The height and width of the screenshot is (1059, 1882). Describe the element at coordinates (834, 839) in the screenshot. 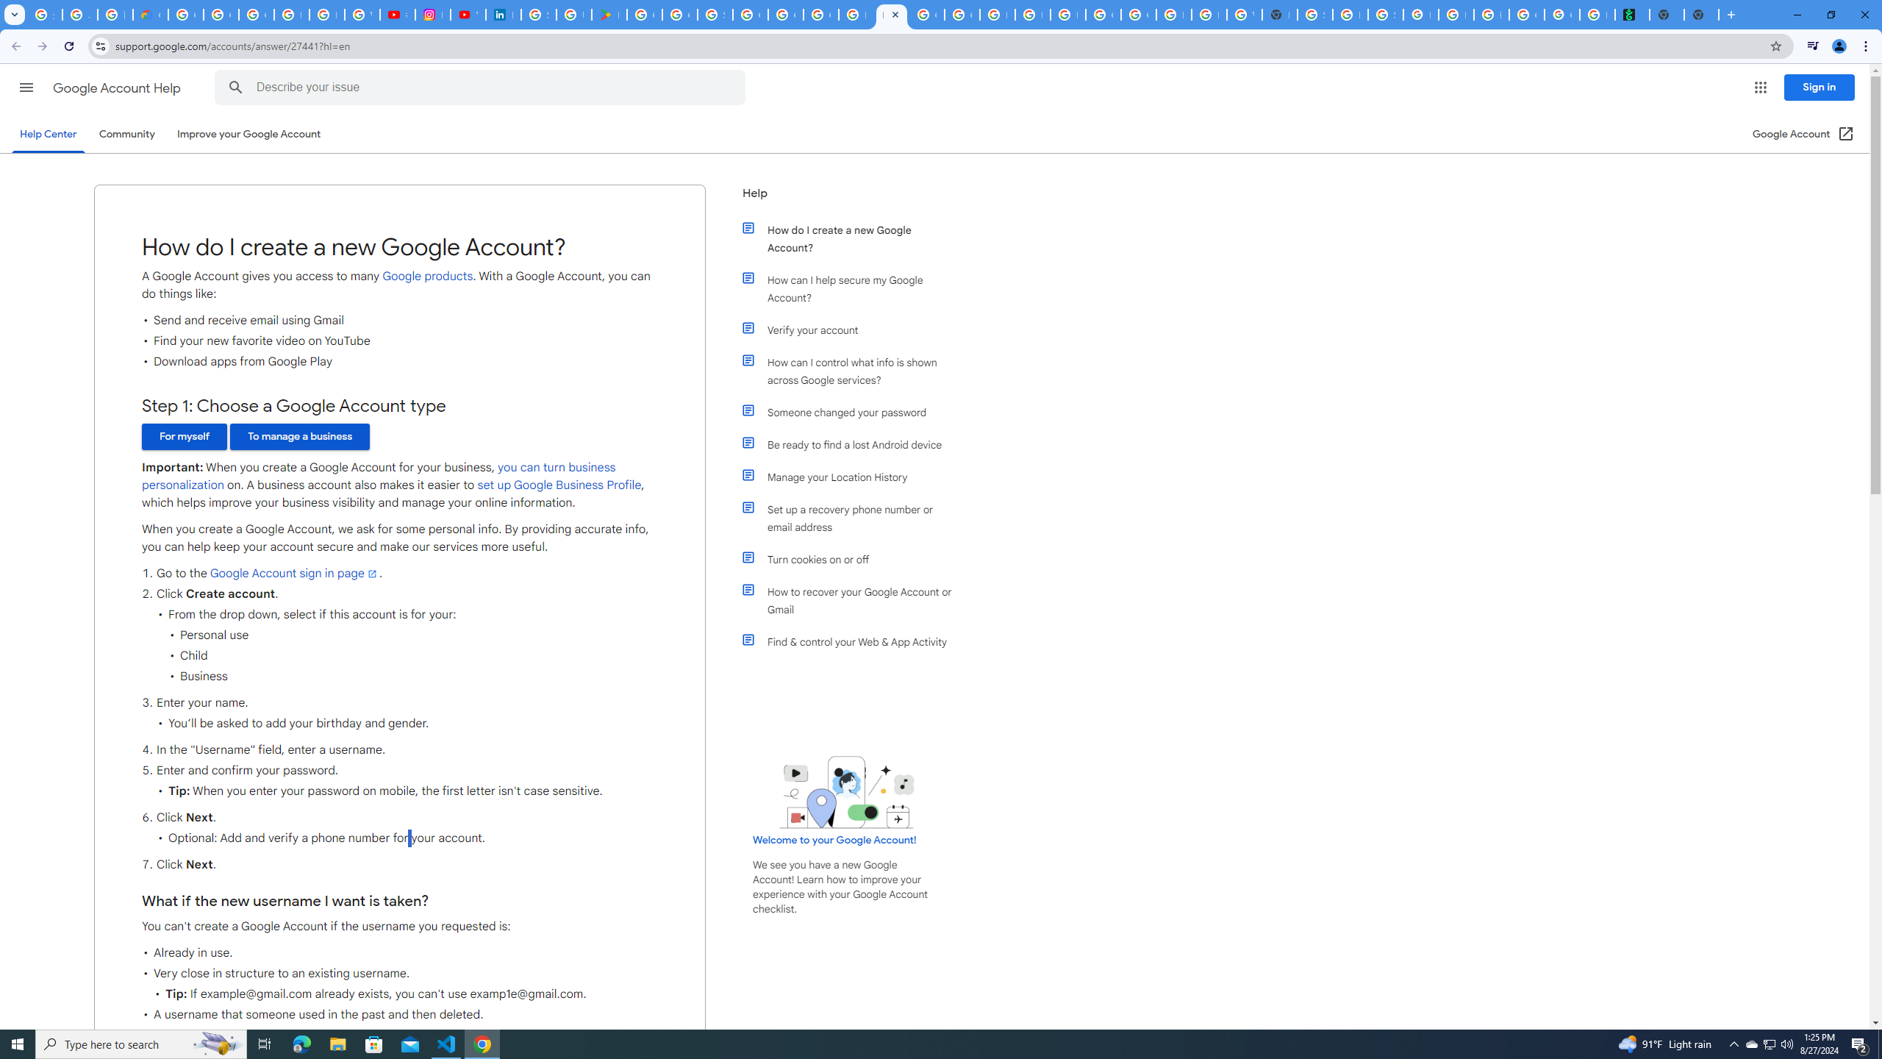

I see `'Welcome to your Google Account!'` at that location.